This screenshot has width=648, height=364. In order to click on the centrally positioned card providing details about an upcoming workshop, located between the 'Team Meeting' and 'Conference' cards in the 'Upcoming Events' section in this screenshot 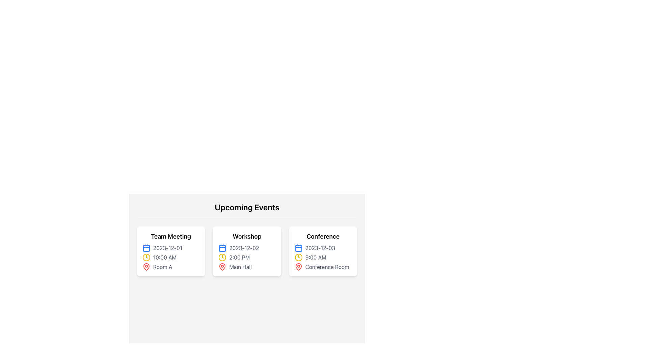, I will do `click(246, 251)`.